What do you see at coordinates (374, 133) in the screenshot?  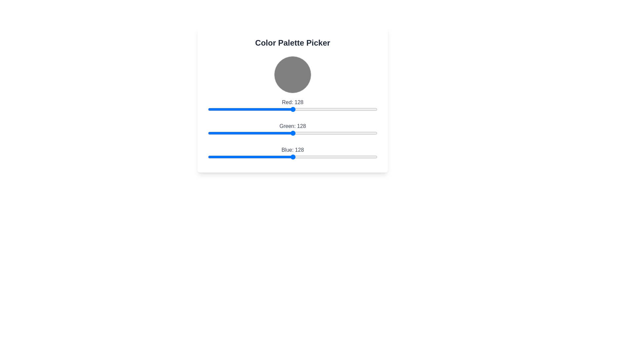 I see `the green value` at bounding box center [374, 133].